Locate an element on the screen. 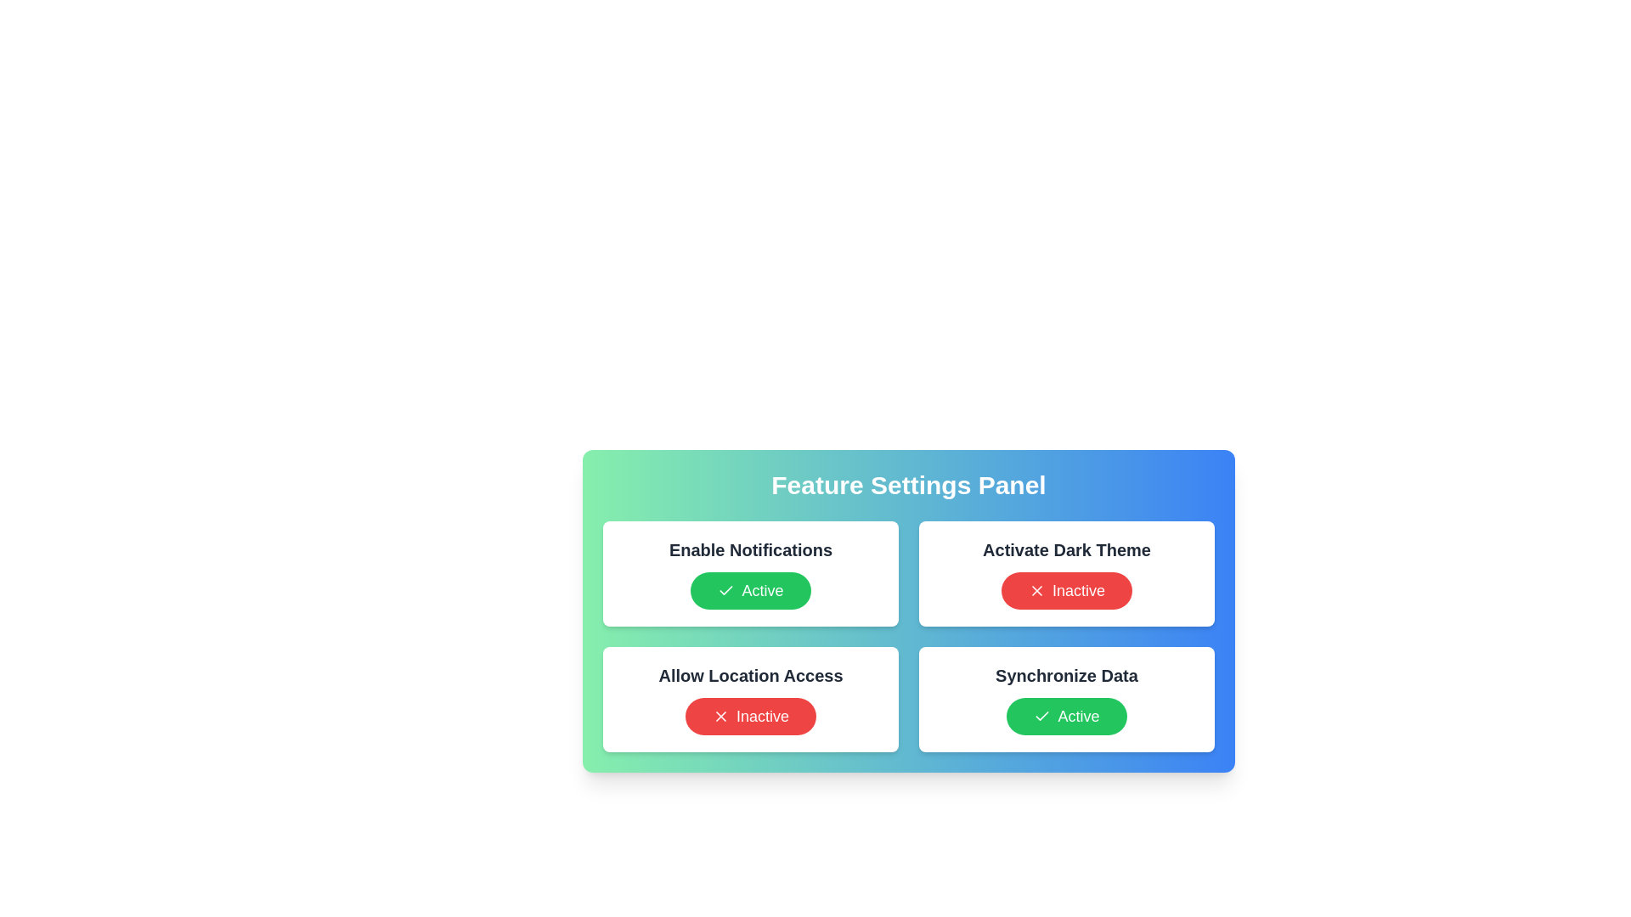 This screenshot has width=1631, height=917. the button corresponding to Activate Dark Theme to toggle its state is located at coordinates (1066, 589).